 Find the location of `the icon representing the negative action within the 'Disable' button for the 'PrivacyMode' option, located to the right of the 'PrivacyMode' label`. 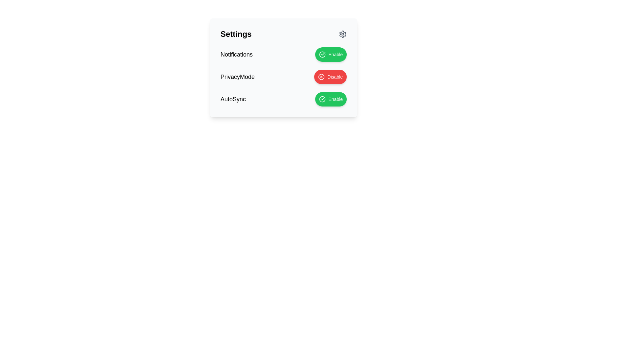

the icon representing the negative action within the 'Disable' button for the 'PrivacyMode' option, located to the right of the 'PrivacyMode' label is located at coordinates (321, 77).